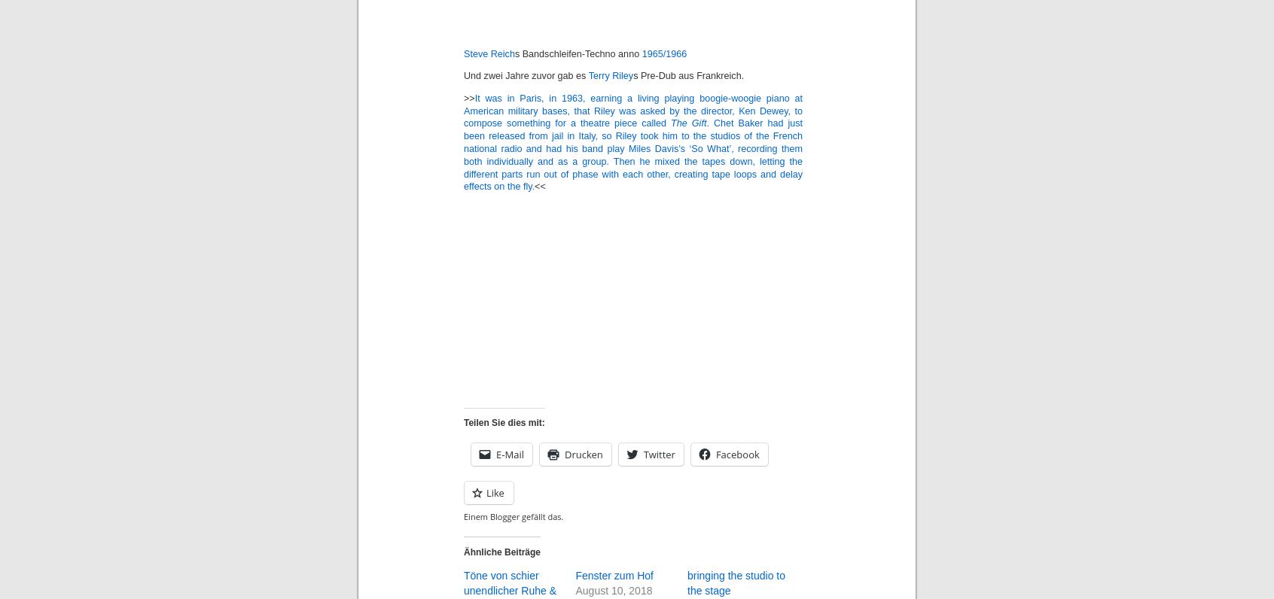 Image resolution: width=1274 pixels, height=599 pixels. What do you see at coordinates (588, 76) in the screenshot?
I see `'Terry Riley'` at bounding box center [588, 76].